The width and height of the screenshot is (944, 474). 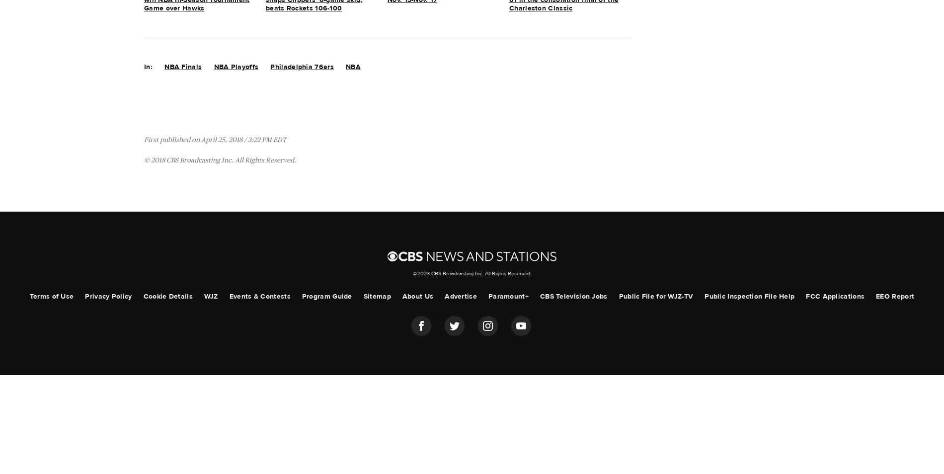 I want to click on 'Program Guide', so click(x=326, y=295).